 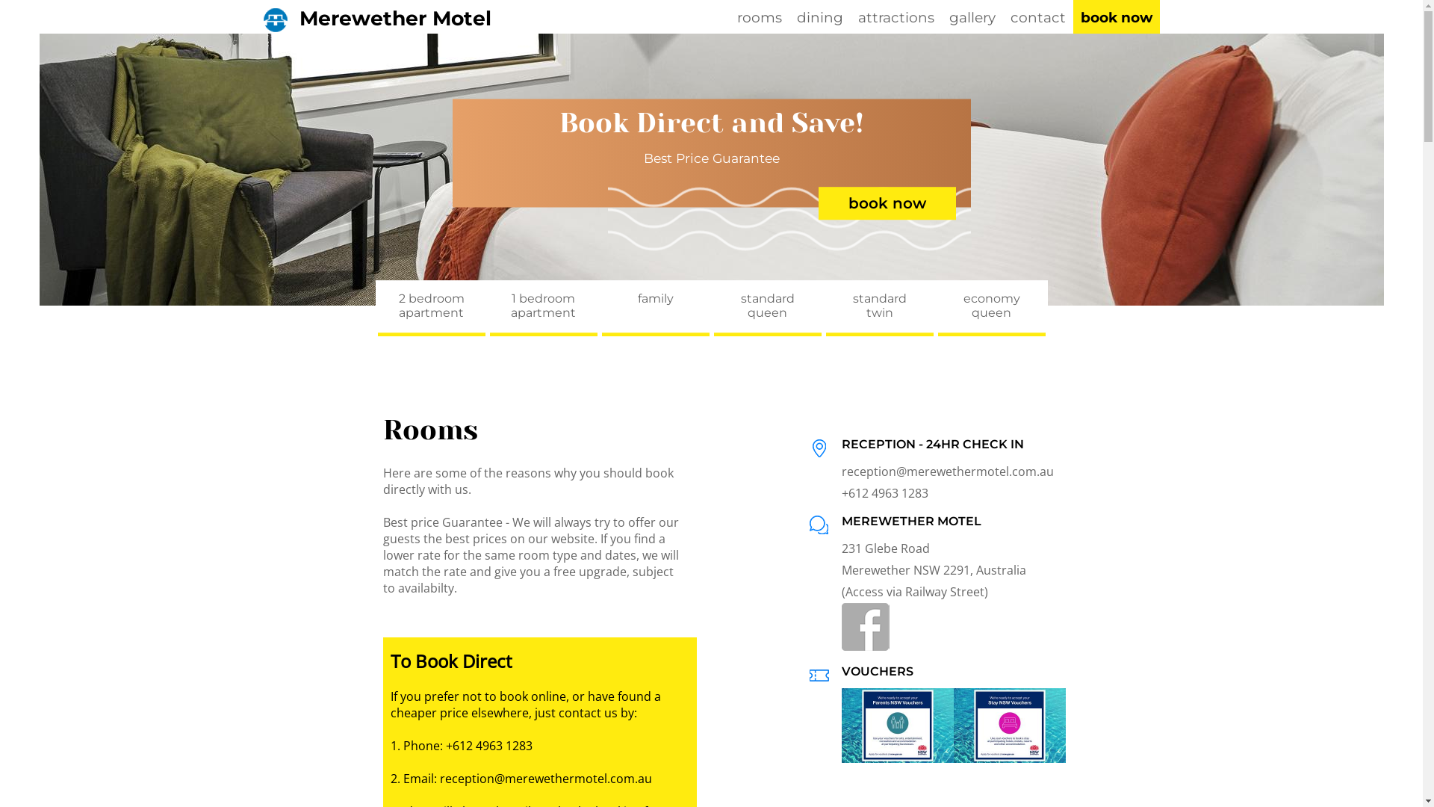 I want to click on 'book now', so click(x=887, y=203).